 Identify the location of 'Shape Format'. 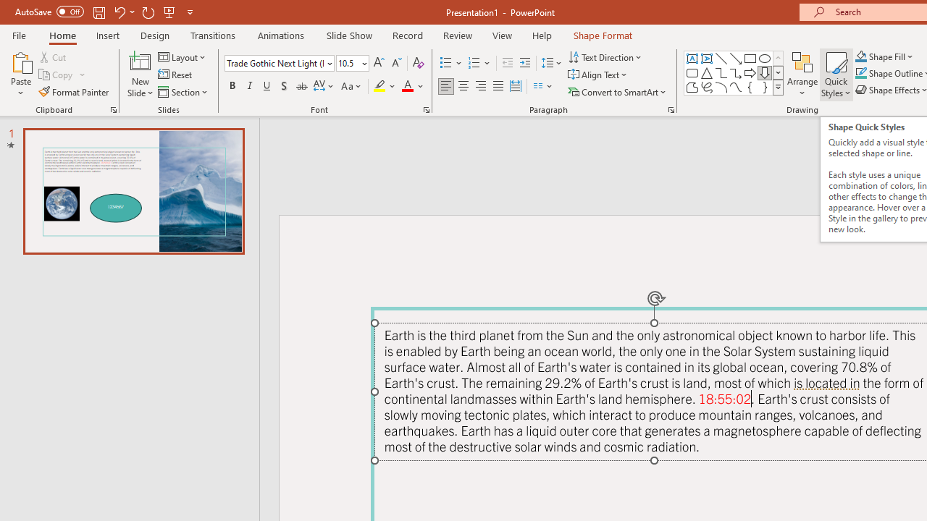
(603, 35).